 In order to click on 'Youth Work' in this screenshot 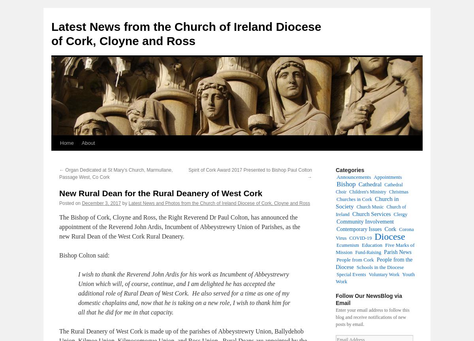, I will do `click(375, 277)`.